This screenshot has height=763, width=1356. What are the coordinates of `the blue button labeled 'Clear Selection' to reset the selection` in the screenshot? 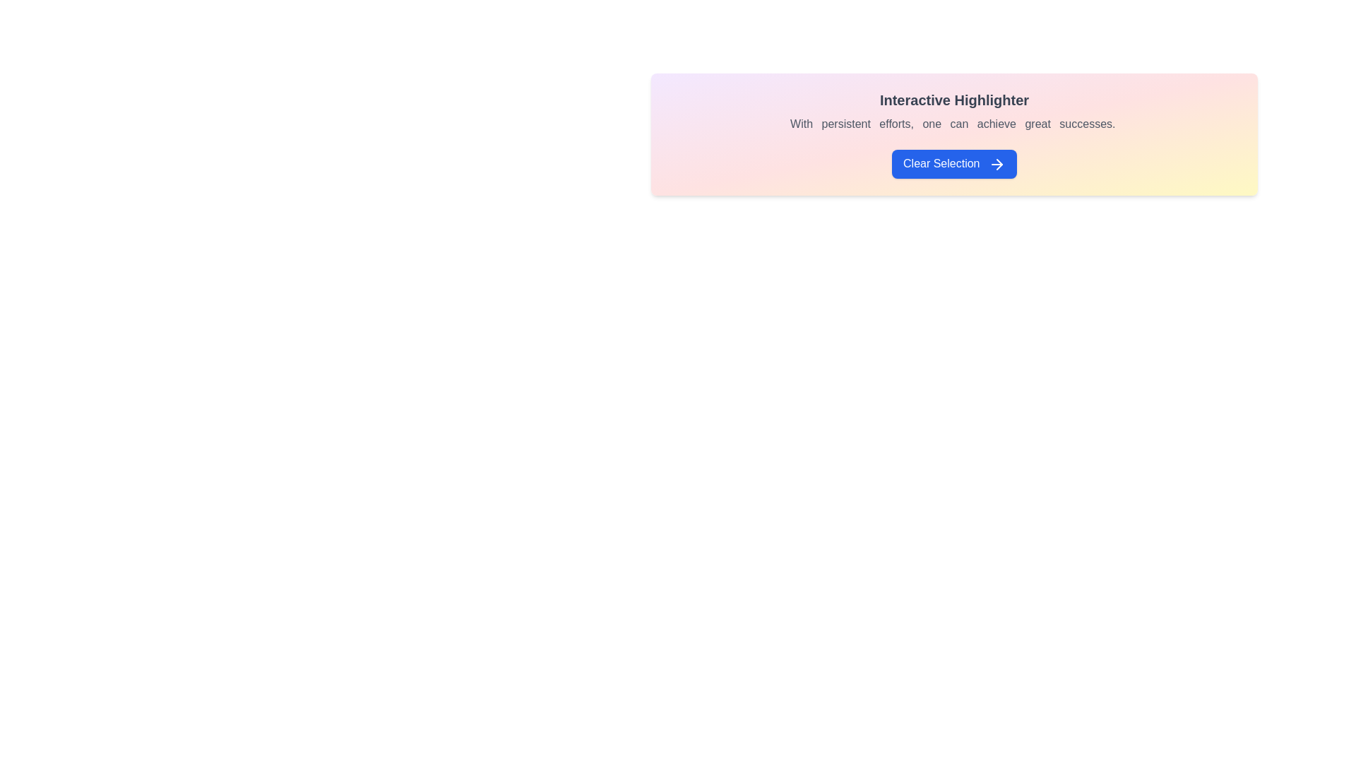 It's located at (954, 163).